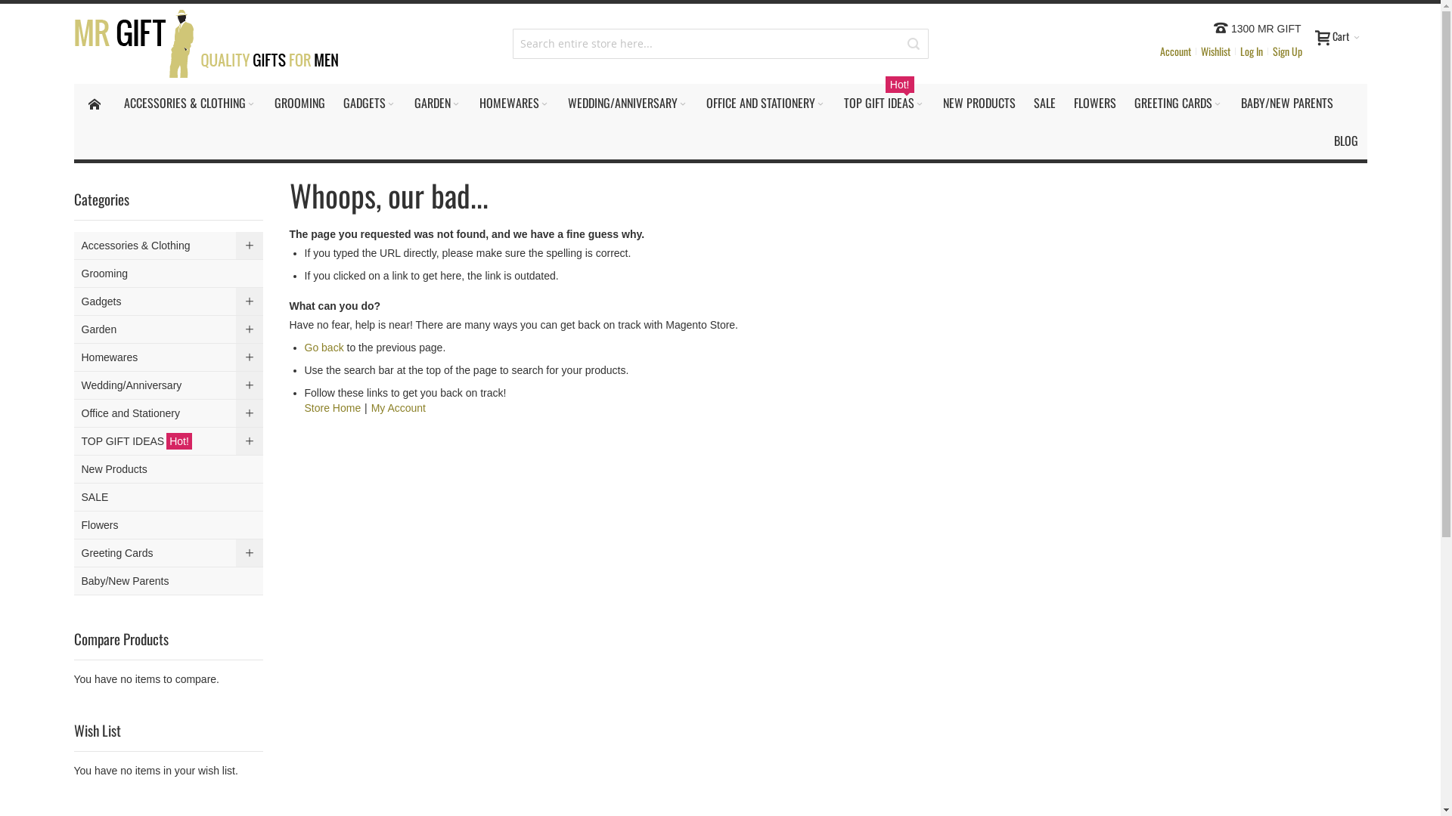  What do you see at coordinates (205, 42) in the screenshot?
I see `'Mr Gift'` at bounding box center [205, 42].